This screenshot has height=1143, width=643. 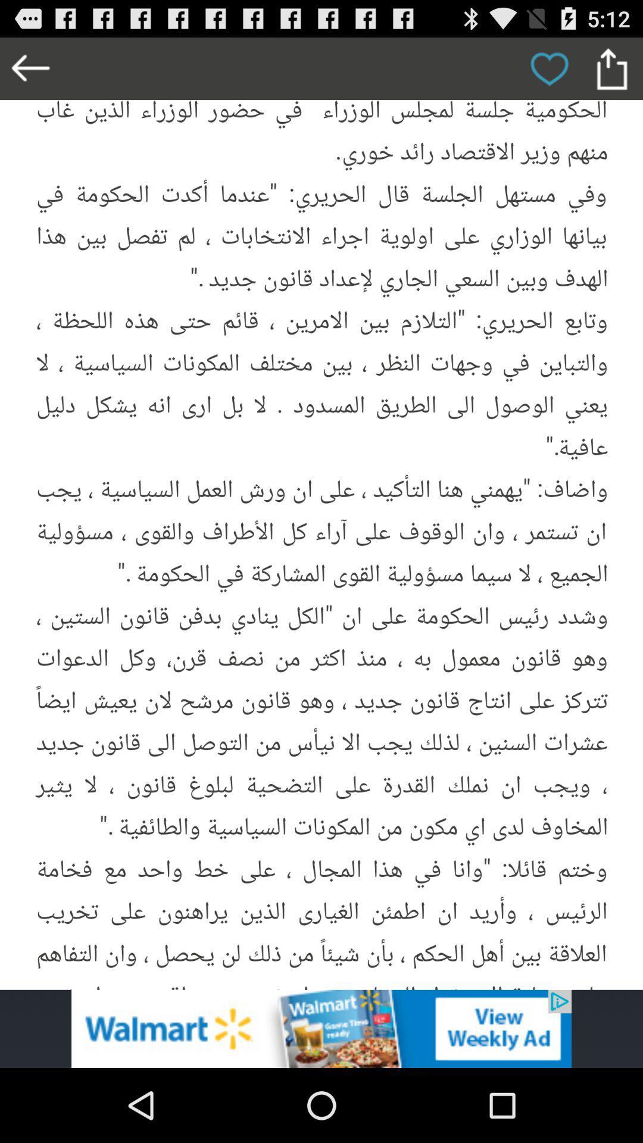 I want to click on picture, so click(x=321, y=513).